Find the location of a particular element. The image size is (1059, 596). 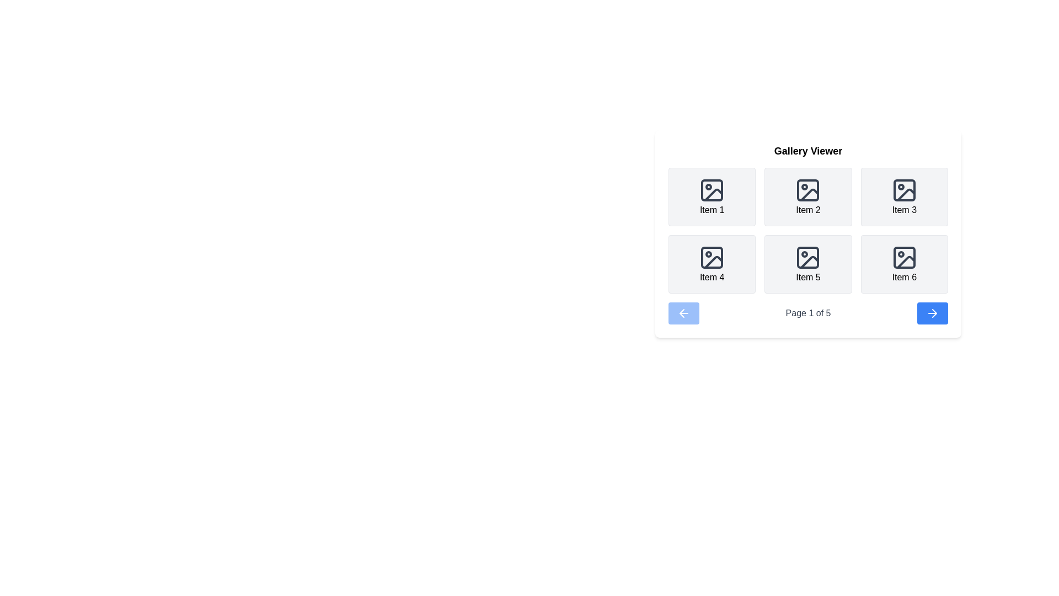

the Gallery item tile with a light gray background, rounded corners, a picture icon in the center, and labeled 'Item 3' beneath it is located at coordinates (904, 196).